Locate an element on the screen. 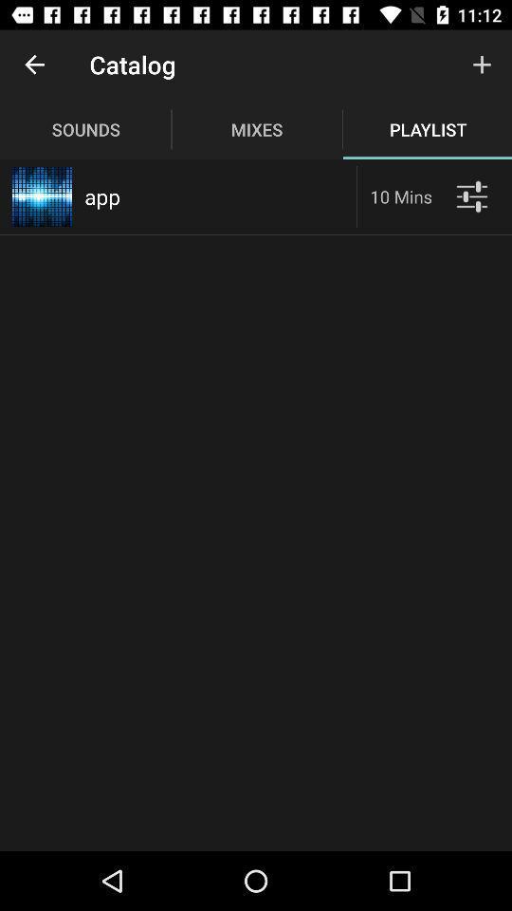 The image size is (512, 911). filters is located at coordinates (470, 196).